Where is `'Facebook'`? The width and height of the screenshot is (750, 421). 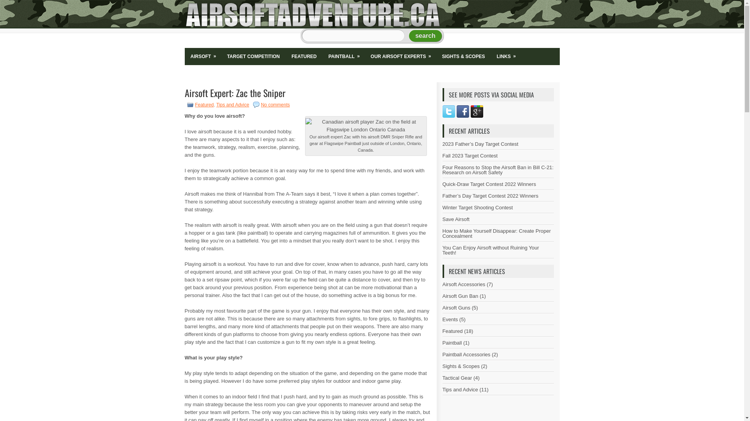 'Facebook' is located at coordinates (462, 111).